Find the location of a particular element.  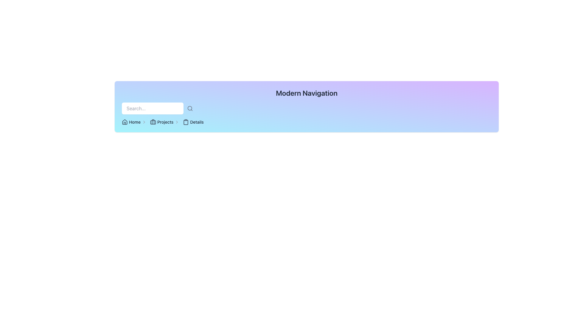

the second item in the breadcrumb navigation bar is located at coordinates (164, 122).